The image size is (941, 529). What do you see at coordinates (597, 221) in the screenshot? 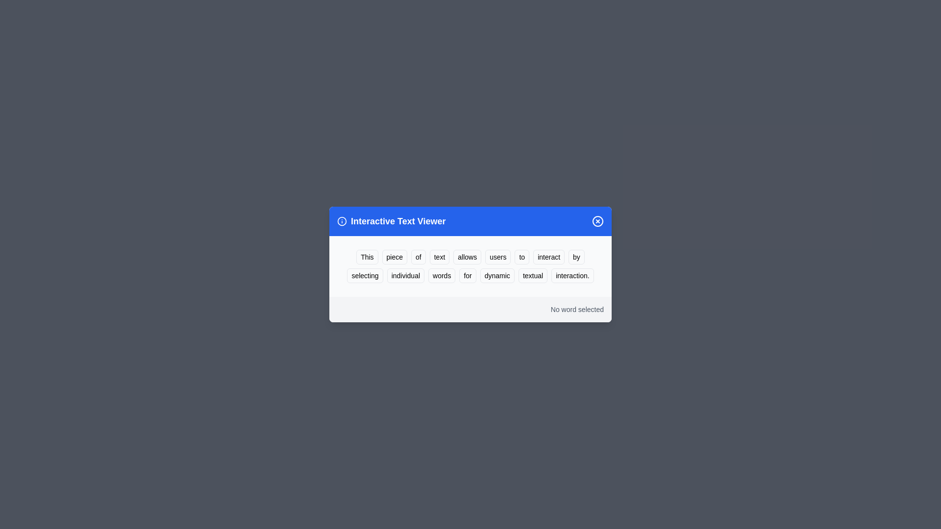
I see `close button located at the top-right corner of the dialog box` at bounding box center [597, 221].